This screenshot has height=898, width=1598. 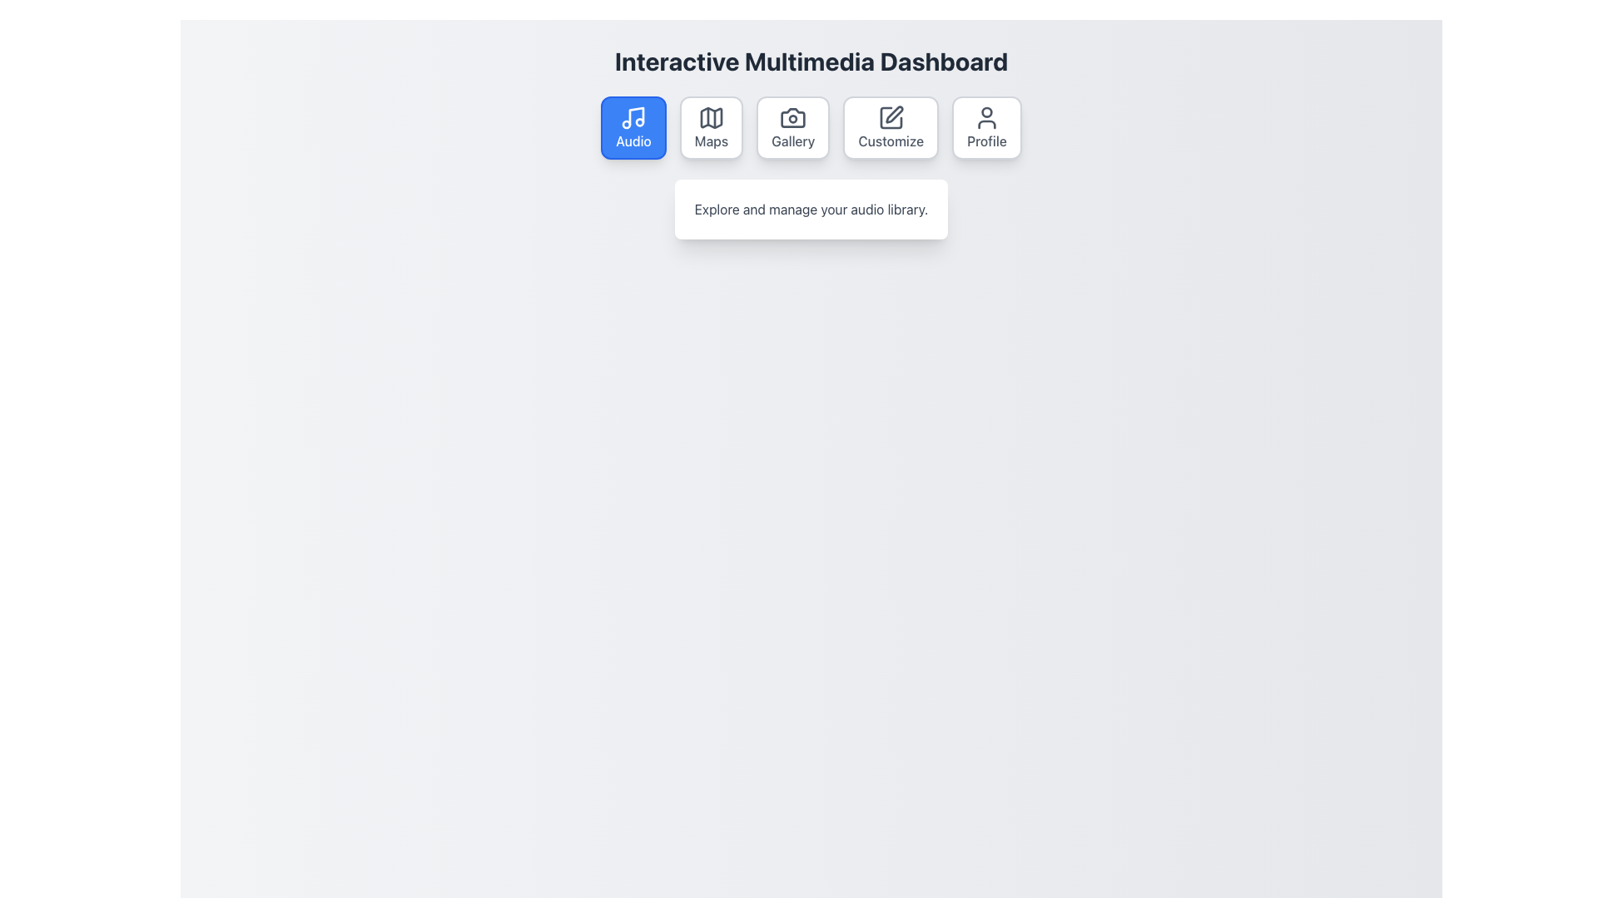 I want to click on the profile management button located at the top-right section of the application interface, adjacent to the 'Customize' button, so click(x=986, y=127).